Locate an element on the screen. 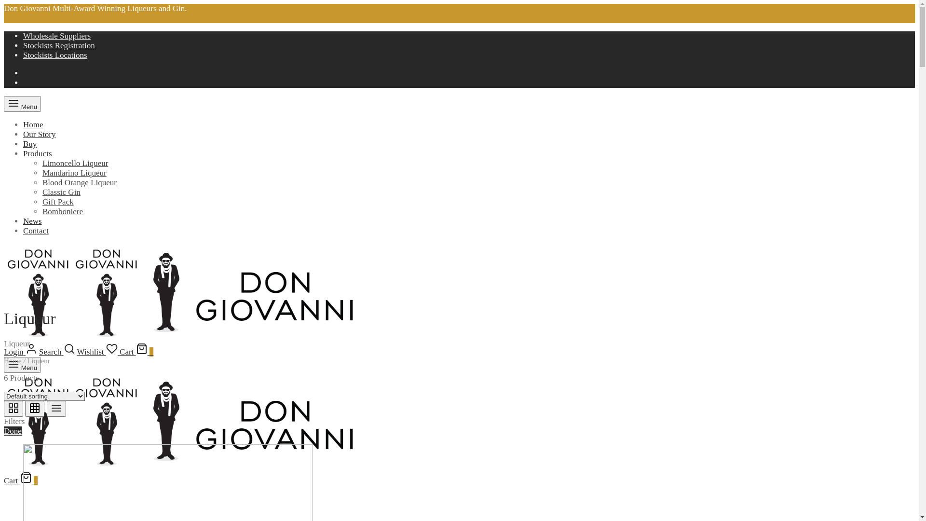  'Blood Orange Liqueur' is located at coordinates (79, 182).